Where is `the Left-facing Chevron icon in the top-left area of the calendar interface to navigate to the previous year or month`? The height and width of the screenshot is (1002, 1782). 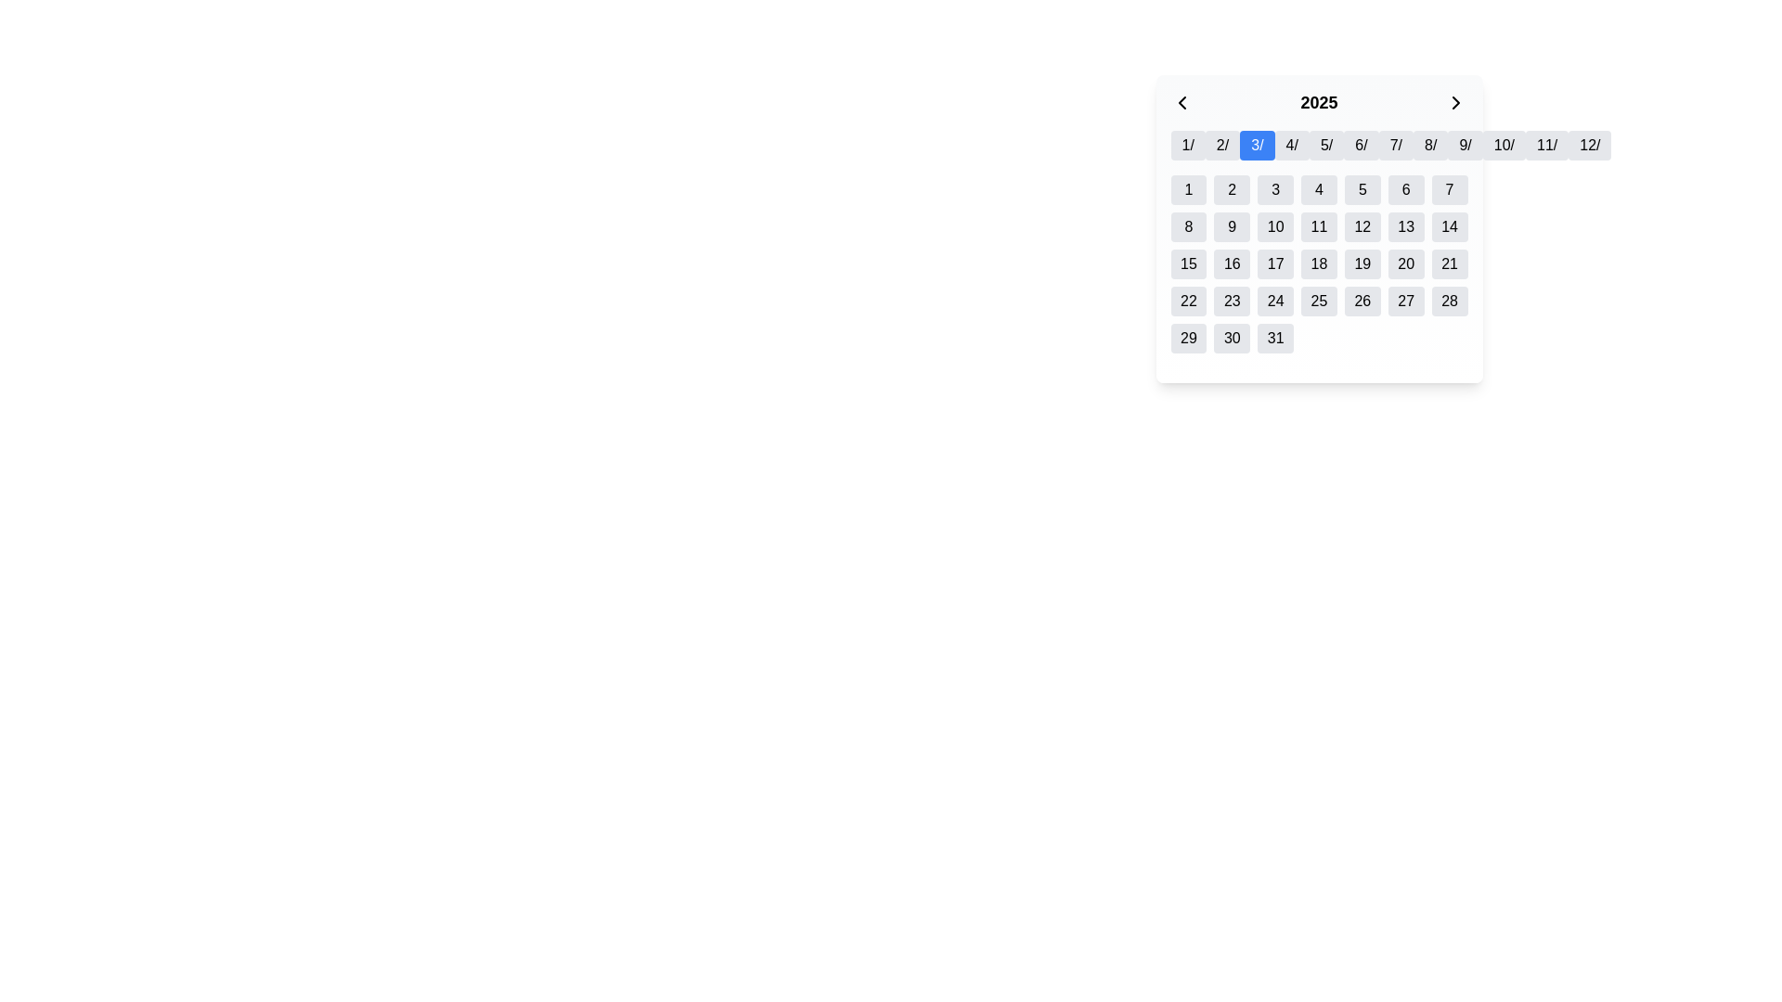
the Left-facing Chevron icon in the top-left area of the calendar interface to navigate to the previous year or month is located at coordinates (1181, 103).